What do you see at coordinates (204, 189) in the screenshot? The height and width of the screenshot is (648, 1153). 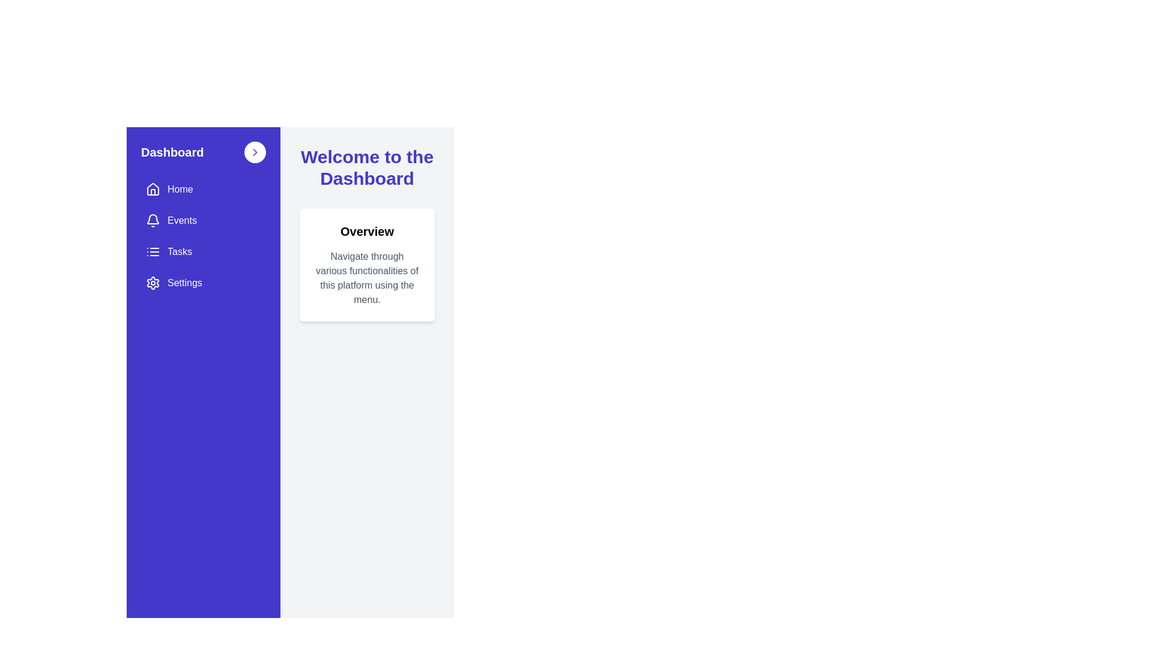 I see `the first button in the vertical navigation menu on the left side of the interface` at bounding box center [204, 189].